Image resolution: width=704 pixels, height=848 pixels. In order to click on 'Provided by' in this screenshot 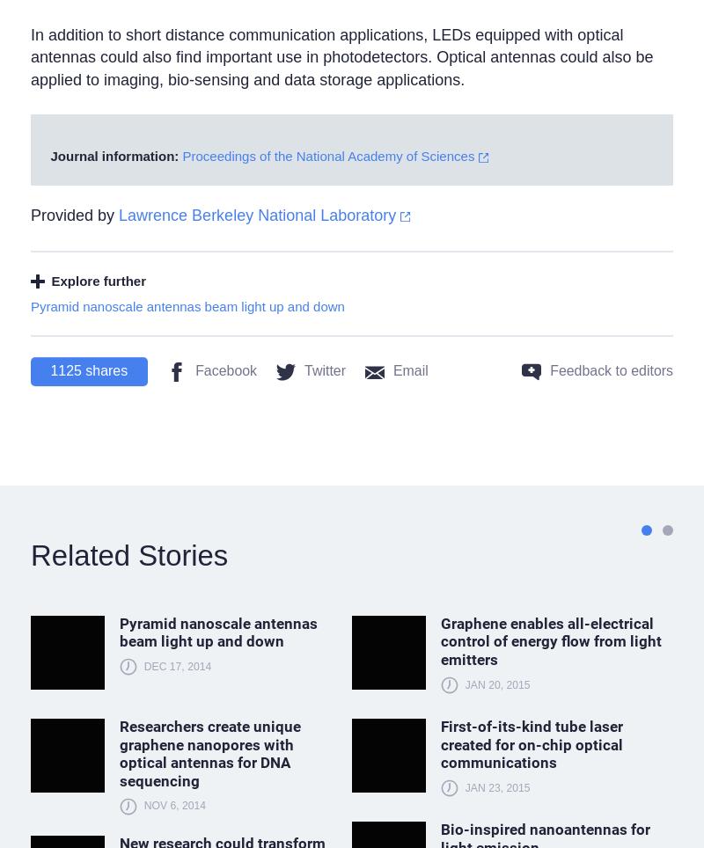, I will do `click(29, 214)`.